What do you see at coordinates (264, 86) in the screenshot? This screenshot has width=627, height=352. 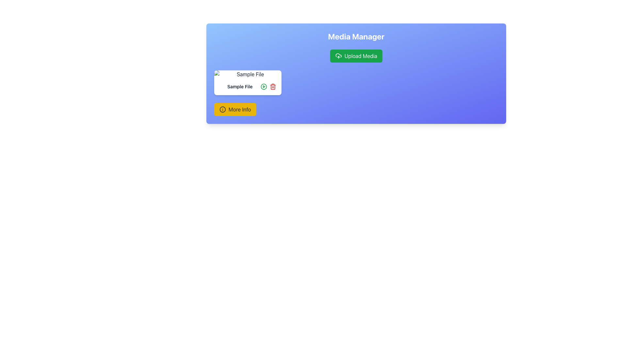 I see `the SVG Circle that functions as a visual boundary for the play button, located at the center of the graphical component near the left part of a file item component` at bounding box center [264, 86].